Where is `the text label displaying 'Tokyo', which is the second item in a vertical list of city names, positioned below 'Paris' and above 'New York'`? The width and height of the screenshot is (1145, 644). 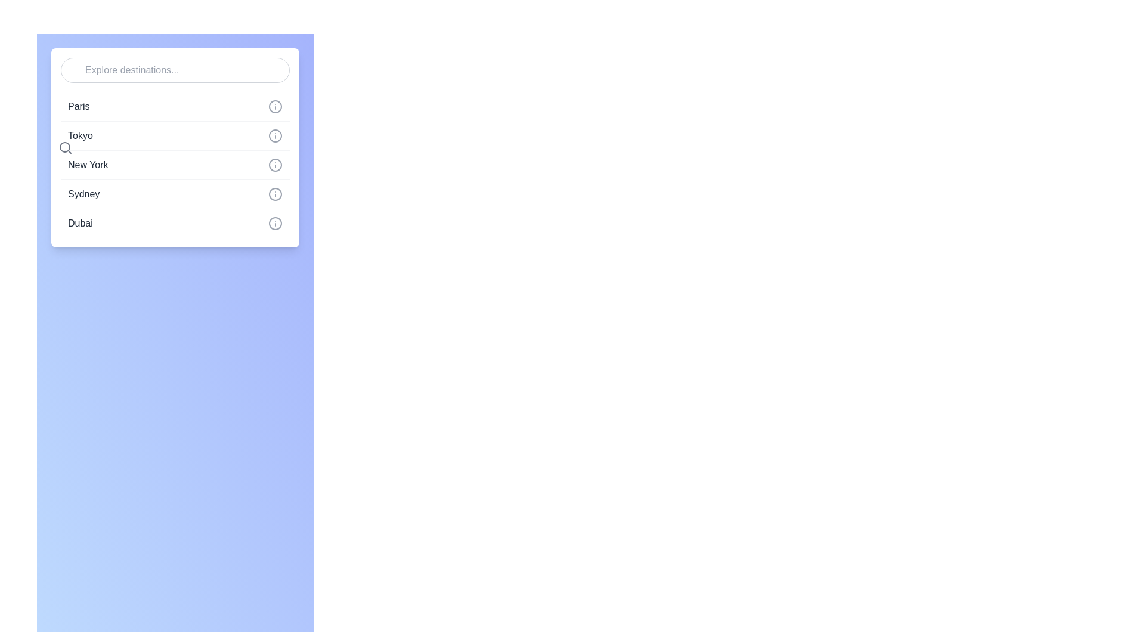 the text label displaying 'Tokyo', which is the second item in a vertical list of city names, positioned below 'Paris' and above 'New York' is located at coordinates (79, 135).